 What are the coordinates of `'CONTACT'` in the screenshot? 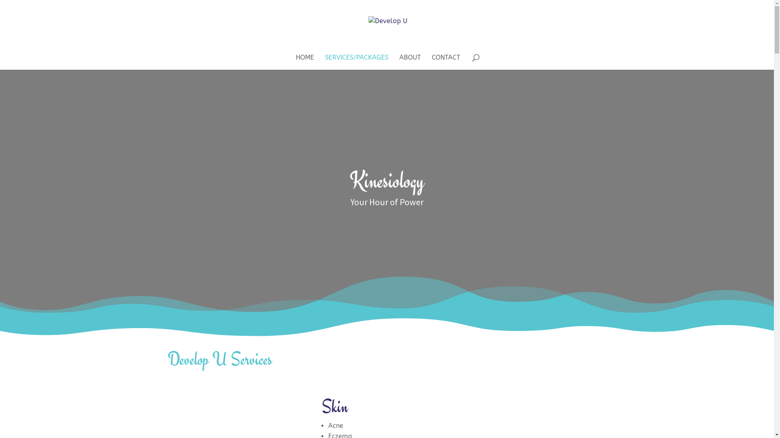 It's located at (445, 62).